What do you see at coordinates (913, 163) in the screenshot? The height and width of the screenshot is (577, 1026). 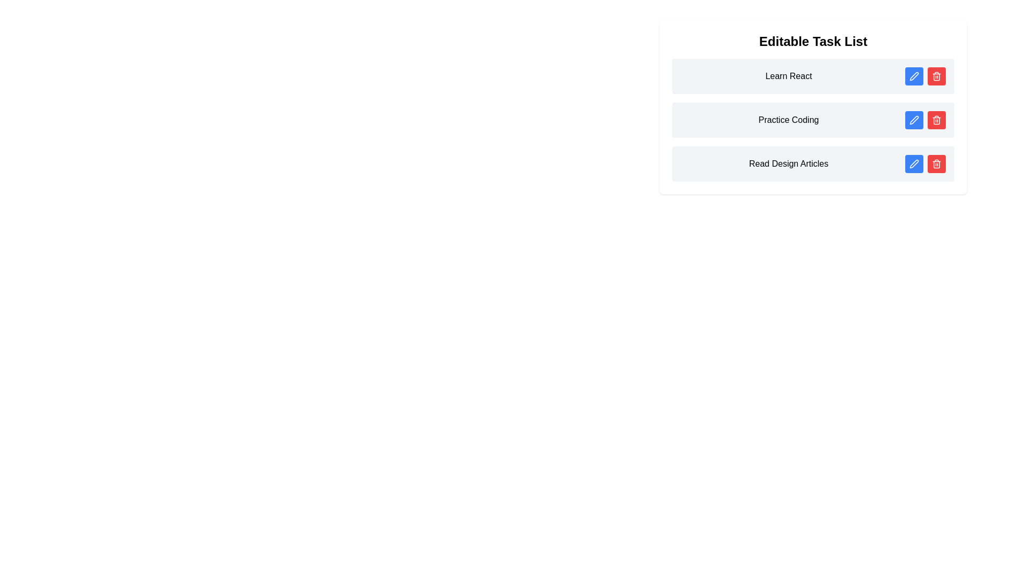 I see `the pen icon button located at the end of the 'Read Design Articles' row` at bounding box center [913, 163].